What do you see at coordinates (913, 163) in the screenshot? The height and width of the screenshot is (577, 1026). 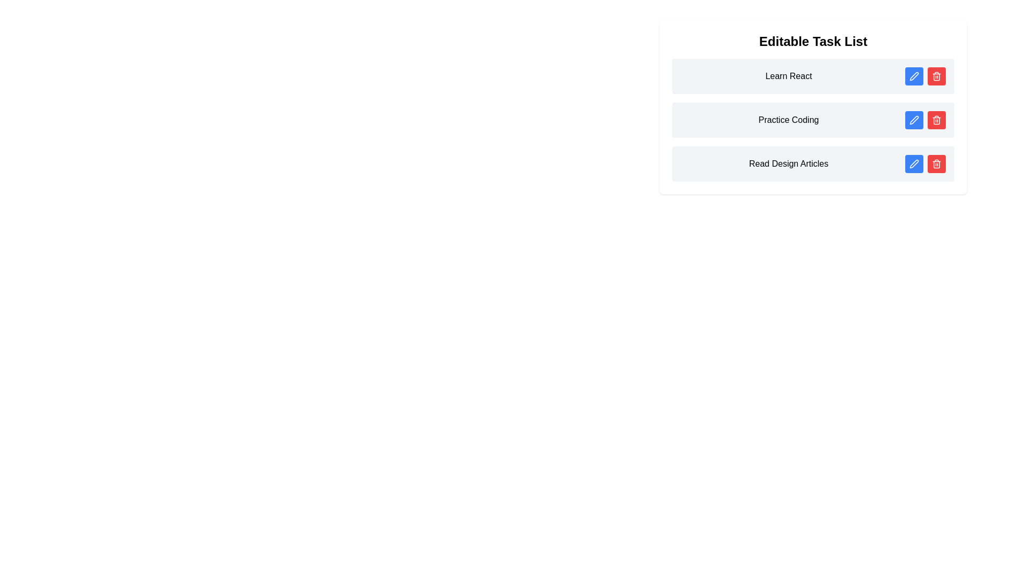 I see `the pen icon button located at the end of the 'Read Design Articles' row` at bounding box center [913, 163].